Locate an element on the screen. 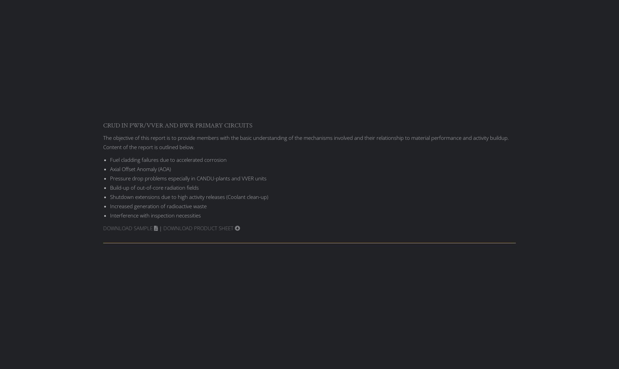  'The objective of this report is to provide members with the basic understanding of the mechanisms involved and their relationship to material performance and activity buildup. Content of the report is outlined below.' is located at coordinates (306, 142).